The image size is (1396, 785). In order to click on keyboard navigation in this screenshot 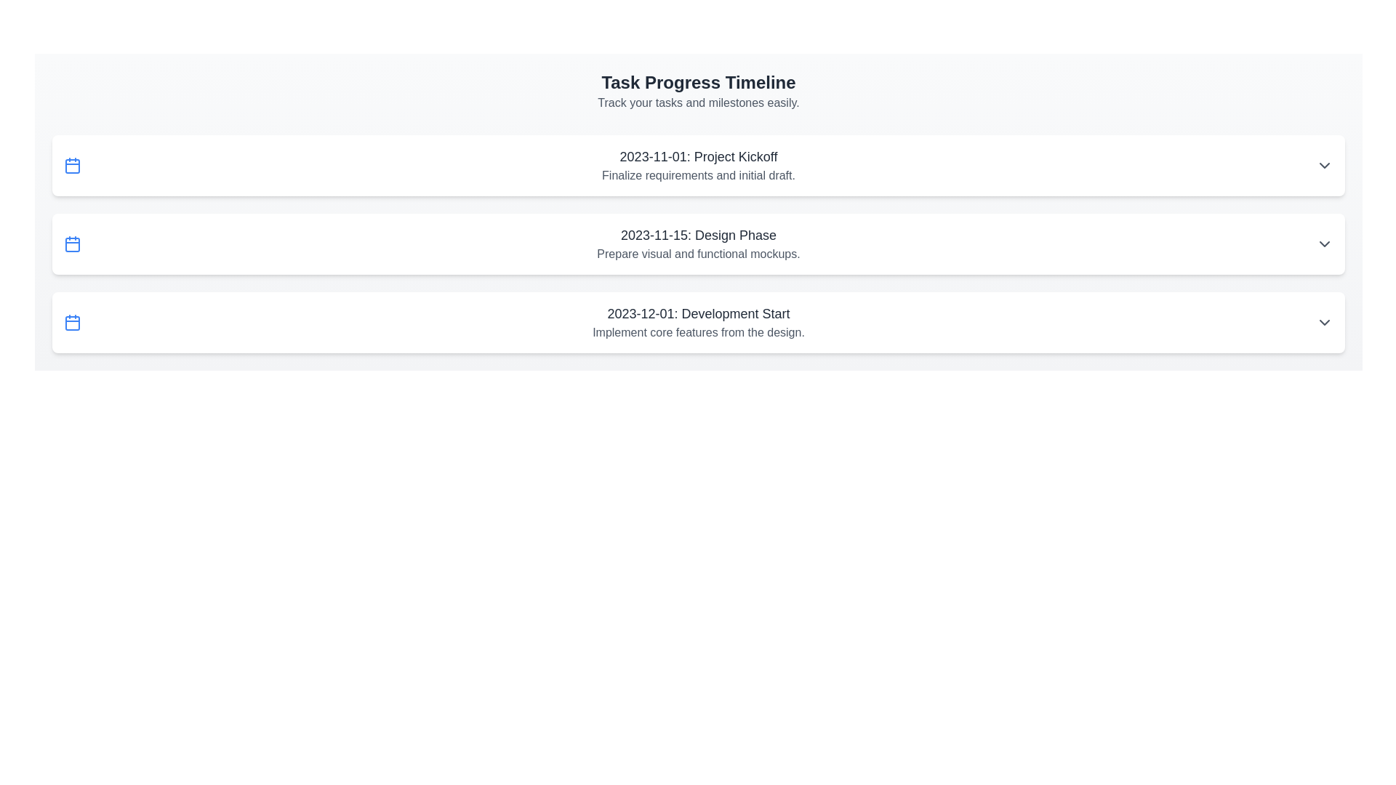, I will do `click(698, 321)`.